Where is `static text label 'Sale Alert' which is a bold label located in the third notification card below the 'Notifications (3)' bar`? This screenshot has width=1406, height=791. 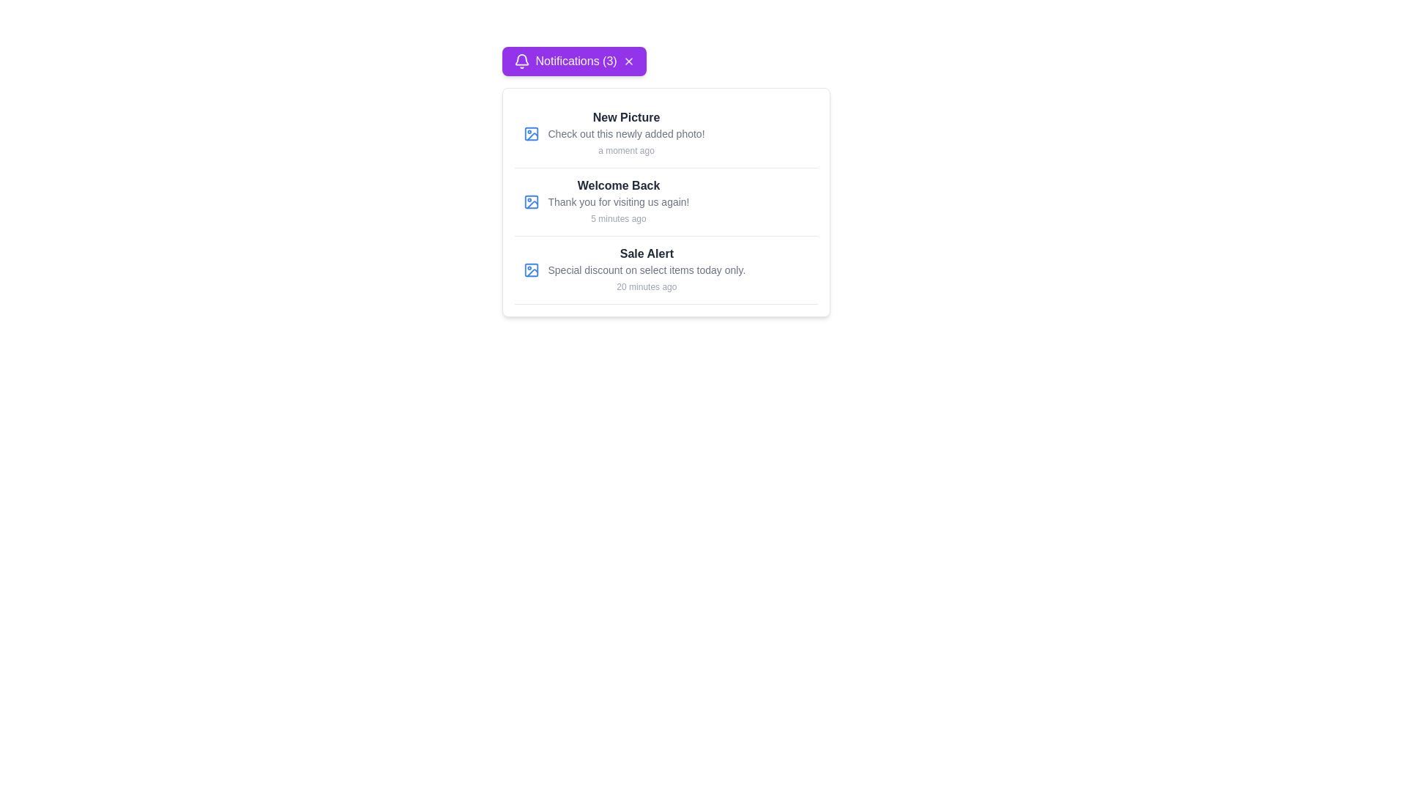 static text label 'Sale Alert' which is a bold label located in the third notification card below the 'Notifications (3)' bar is located at coordinates (646, 253).